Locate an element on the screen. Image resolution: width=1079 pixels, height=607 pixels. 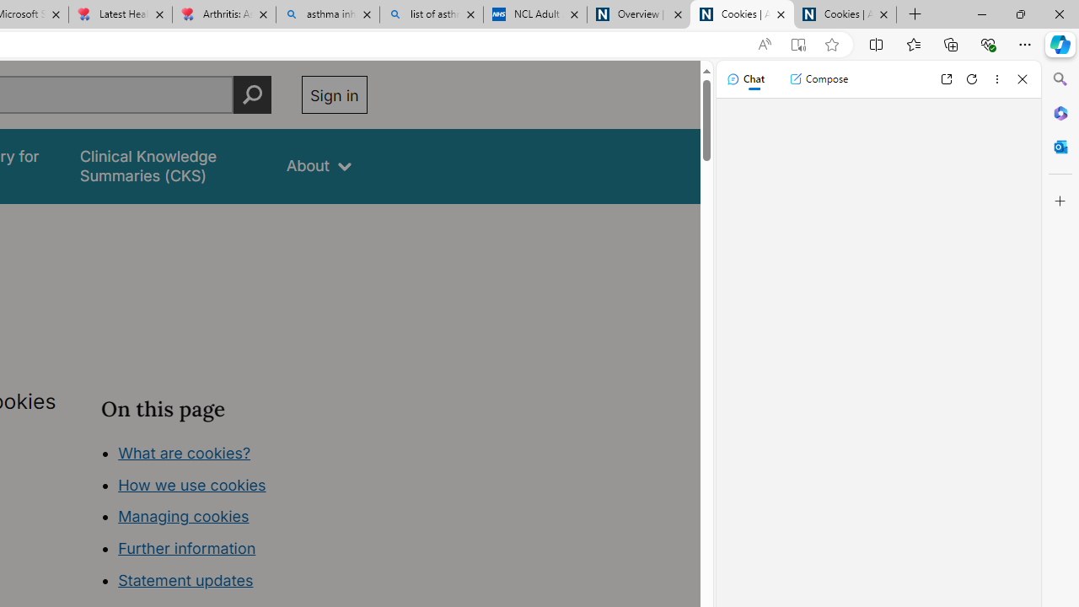
'Further information' is located at coordinates (187, 548).